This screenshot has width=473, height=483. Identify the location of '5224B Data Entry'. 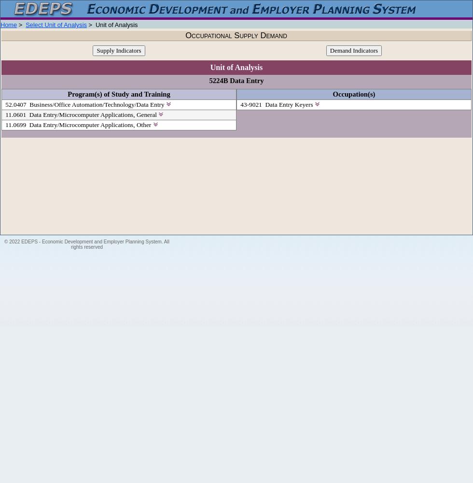
(236, 80).